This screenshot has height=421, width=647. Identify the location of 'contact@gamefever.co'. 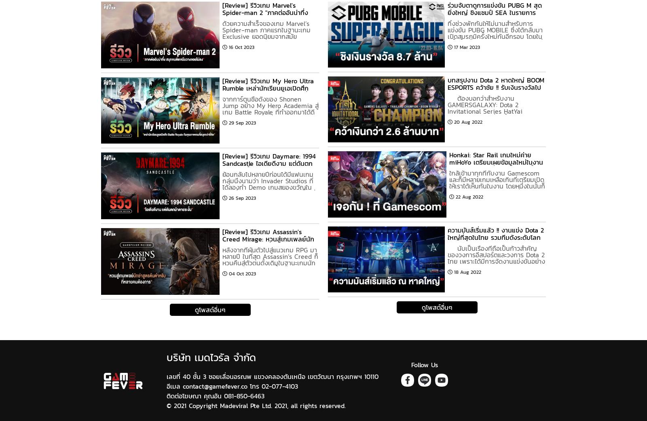
(214, 385).